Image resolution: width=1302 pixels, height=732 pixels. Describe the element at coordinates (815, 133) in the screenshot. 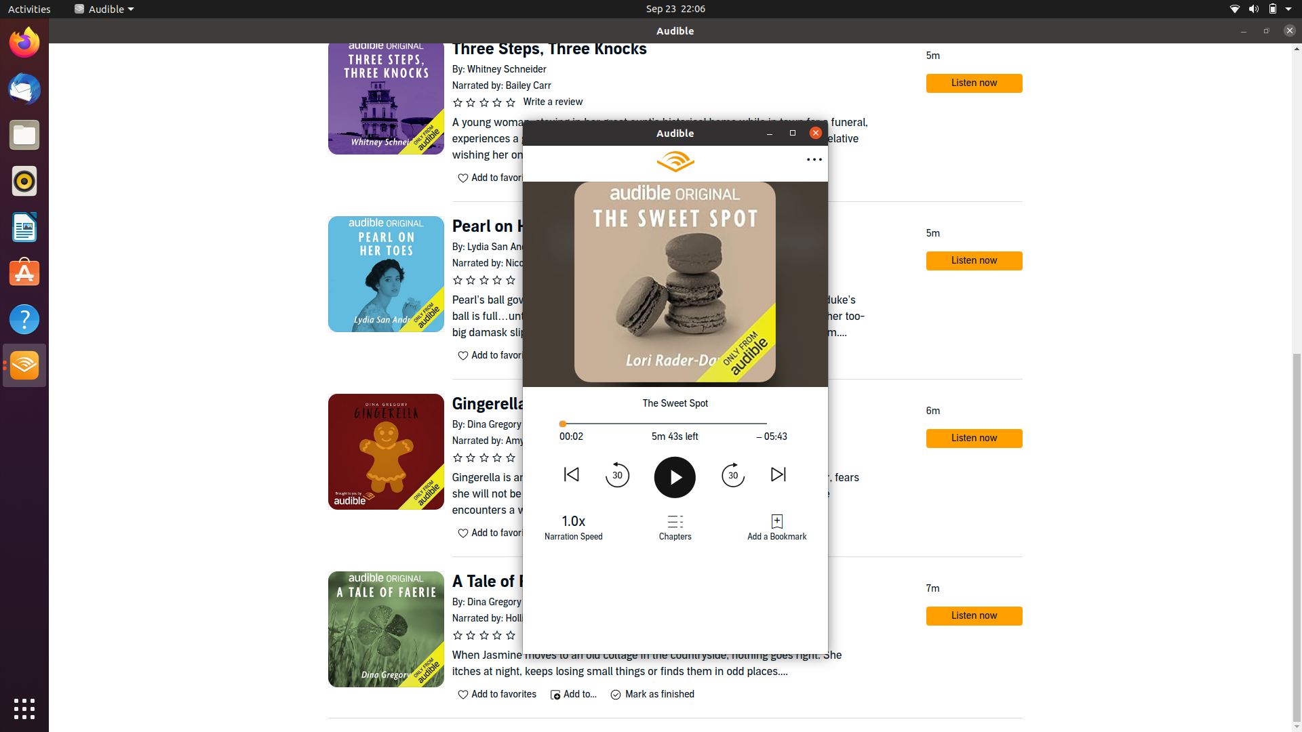

I see `Finish reading book` at that location.